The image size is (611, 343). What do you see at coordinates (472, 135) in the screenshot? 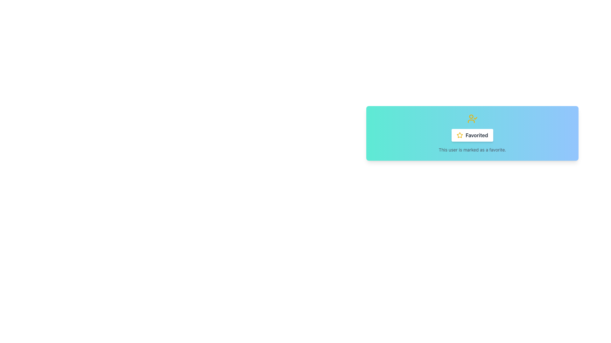
I see `the 'Favorited' status toggle button located at the center of the card with a gradient background, positioned below the person icon and above the text indicating the user's favorite status` at bounding box center [472, 135].